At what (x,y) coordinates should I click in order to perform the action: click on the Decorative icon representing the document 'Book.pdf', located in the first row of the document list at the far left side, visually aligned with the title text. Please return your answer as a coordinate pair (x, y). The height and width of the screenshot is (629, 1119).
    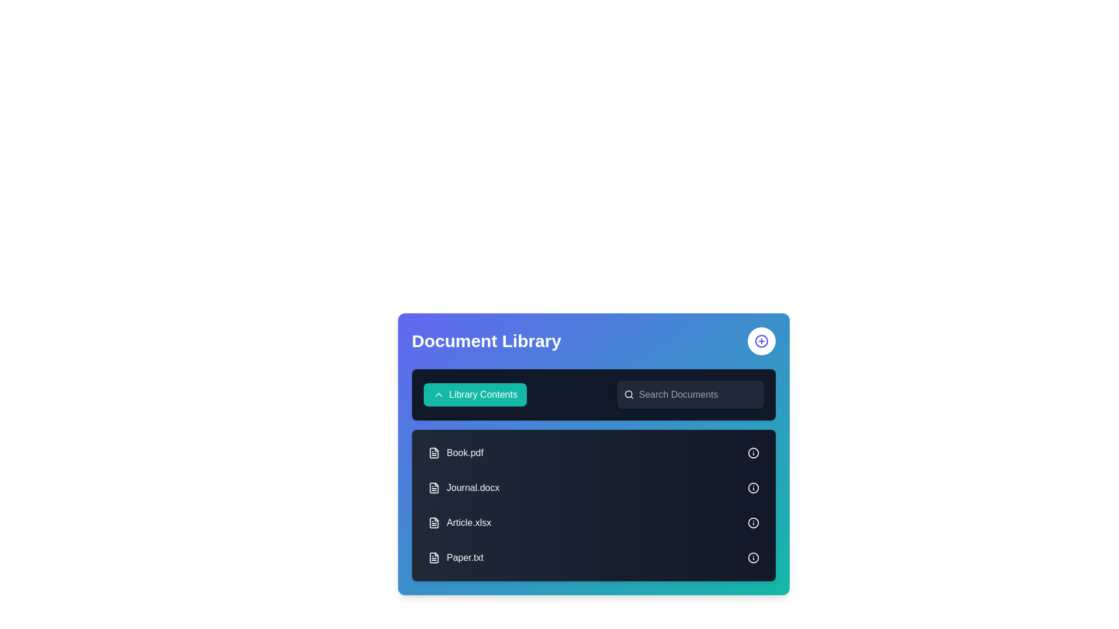
    Looking at the image, I should click on (433, 453).